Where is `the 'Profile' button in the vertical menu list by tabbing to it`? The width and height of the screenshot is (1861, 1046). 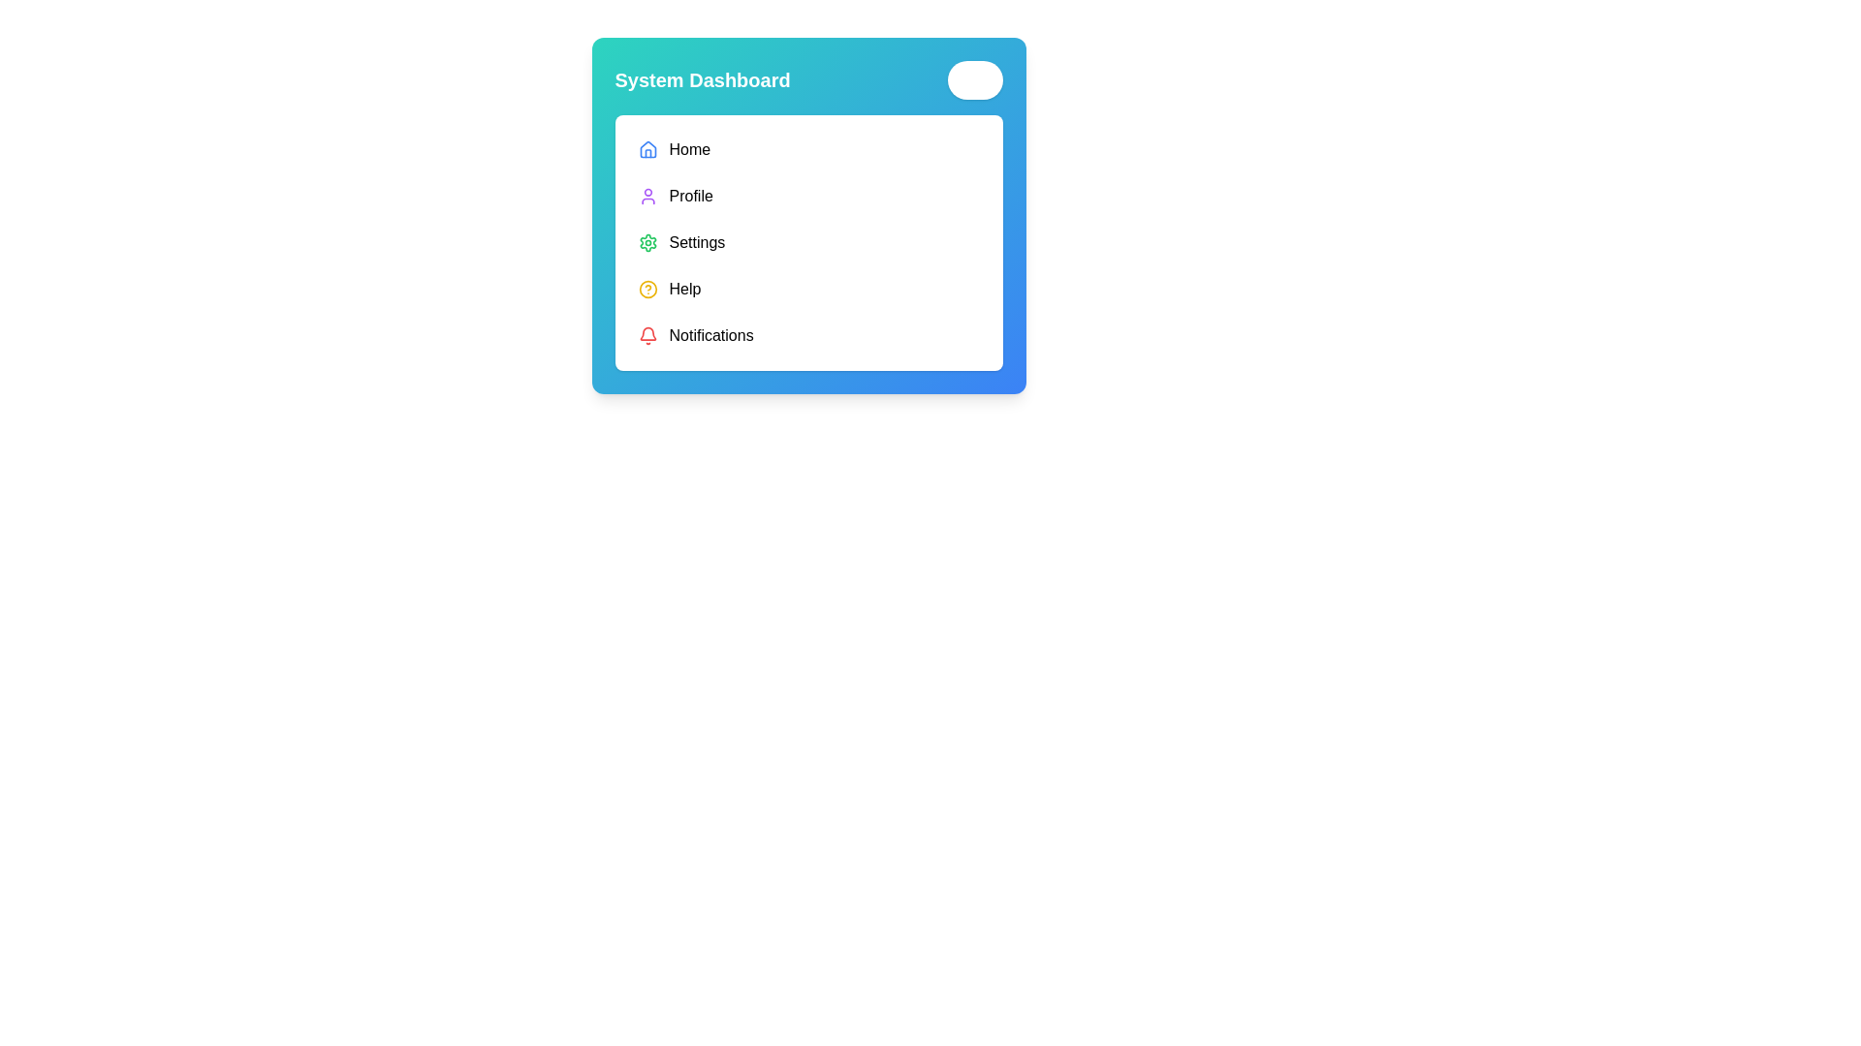 the 'Profile' button in the vertical menu list by tabbing to it is located at coordinates (808, 197).